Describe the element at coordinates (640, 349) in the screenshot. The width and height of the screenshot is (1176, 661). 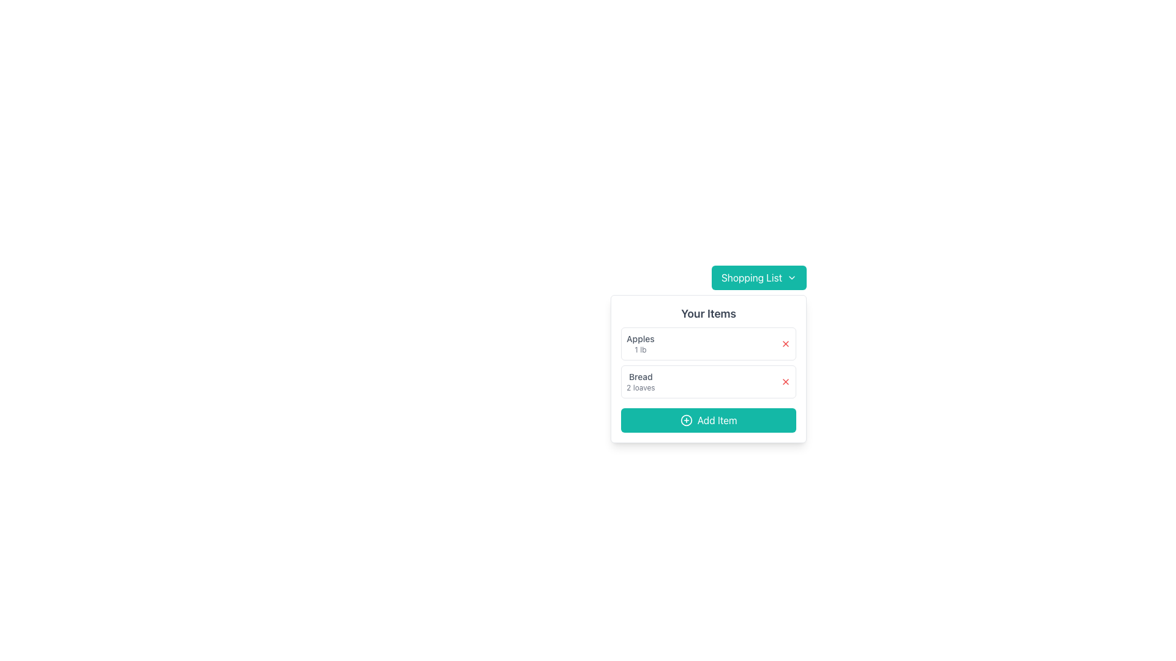
I see `additional information text label located below the 'Apples' item in the list, which provides the weight or amount` at that location.